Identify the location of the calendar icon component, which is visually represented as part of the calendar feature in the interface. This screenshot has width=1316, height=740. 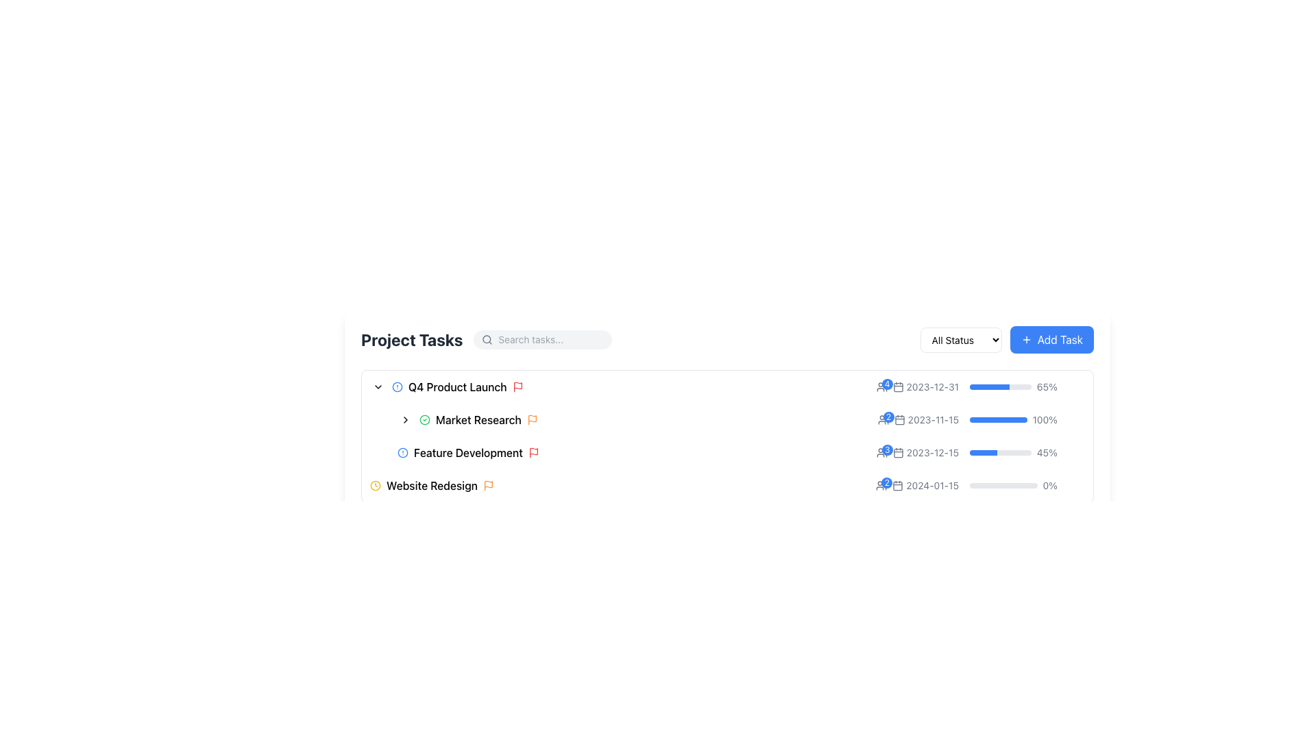
(899, 419).